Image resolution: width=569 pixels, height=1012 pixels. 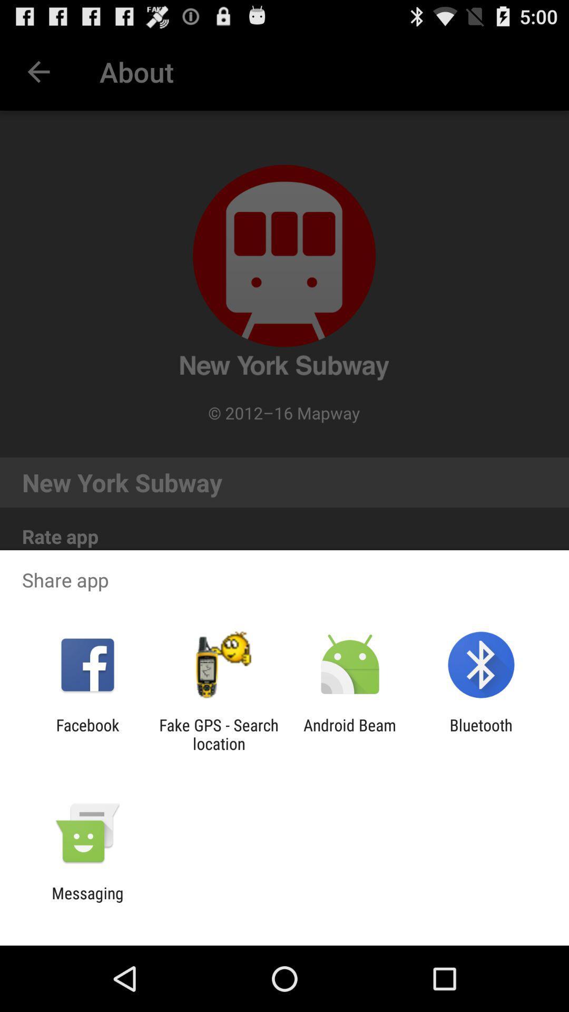 What do you see at coordinates (218, 734) in the screenshot?
I see `the app to the right of facebook icon` at bounding box center [218, 734].